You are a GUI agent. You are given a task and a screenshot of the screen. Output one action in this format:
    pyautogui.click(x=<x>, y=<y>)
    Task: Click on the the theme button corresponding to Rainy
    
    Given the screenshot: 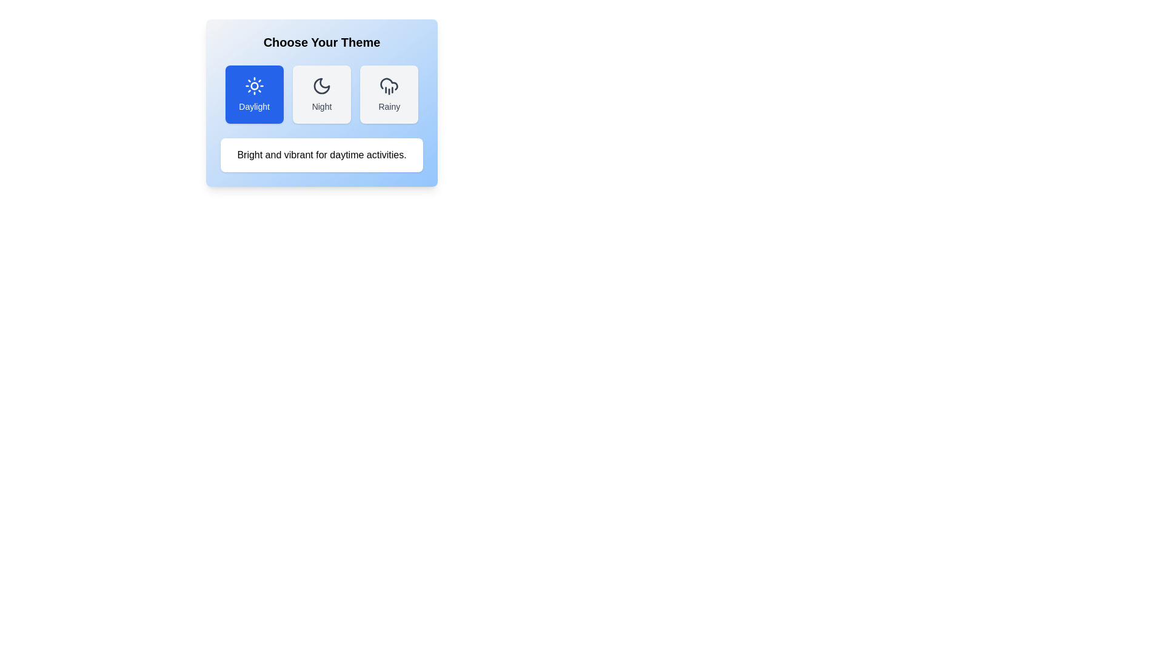 What is the action you would take?
    pyautogui.click(x=389, y=93)
    